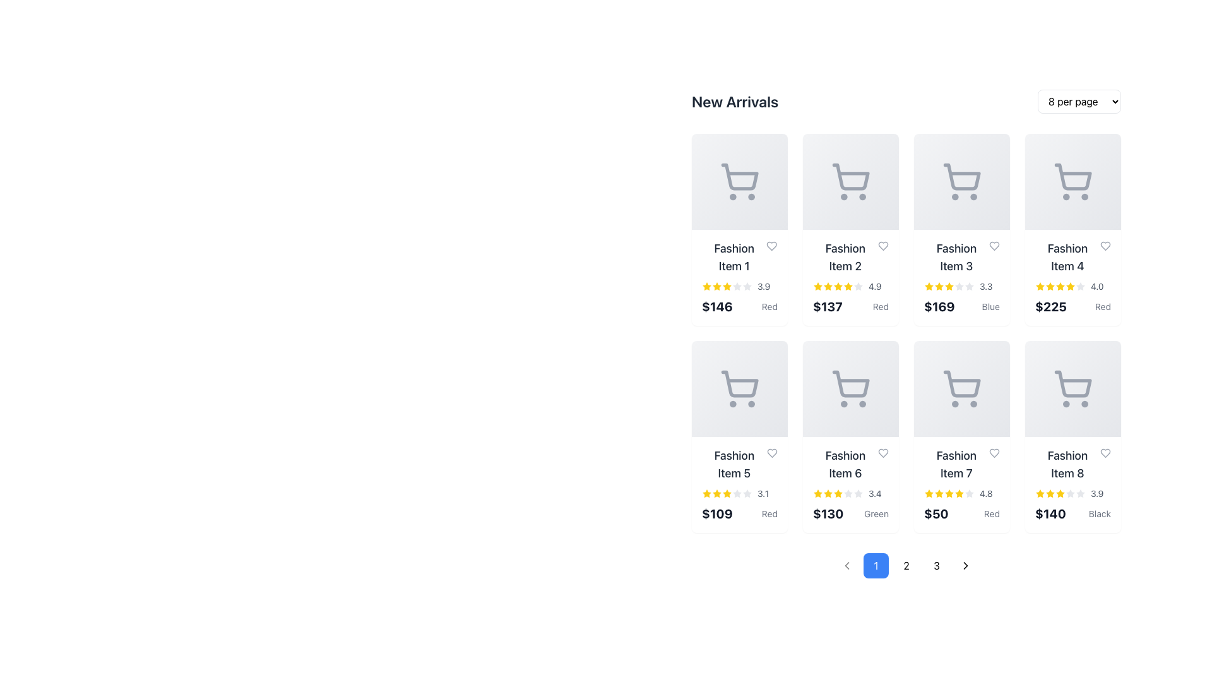 This screenshot has height=682, width=1212. Describe the element at coordinates (828, 307) in the screenshot. I see `the text segment displaying '$137' in bold, black font, which is located in the second column of the top row within the 'New Arrivals' grid layout, directly under 'Fashion Item 2.'` at that location.